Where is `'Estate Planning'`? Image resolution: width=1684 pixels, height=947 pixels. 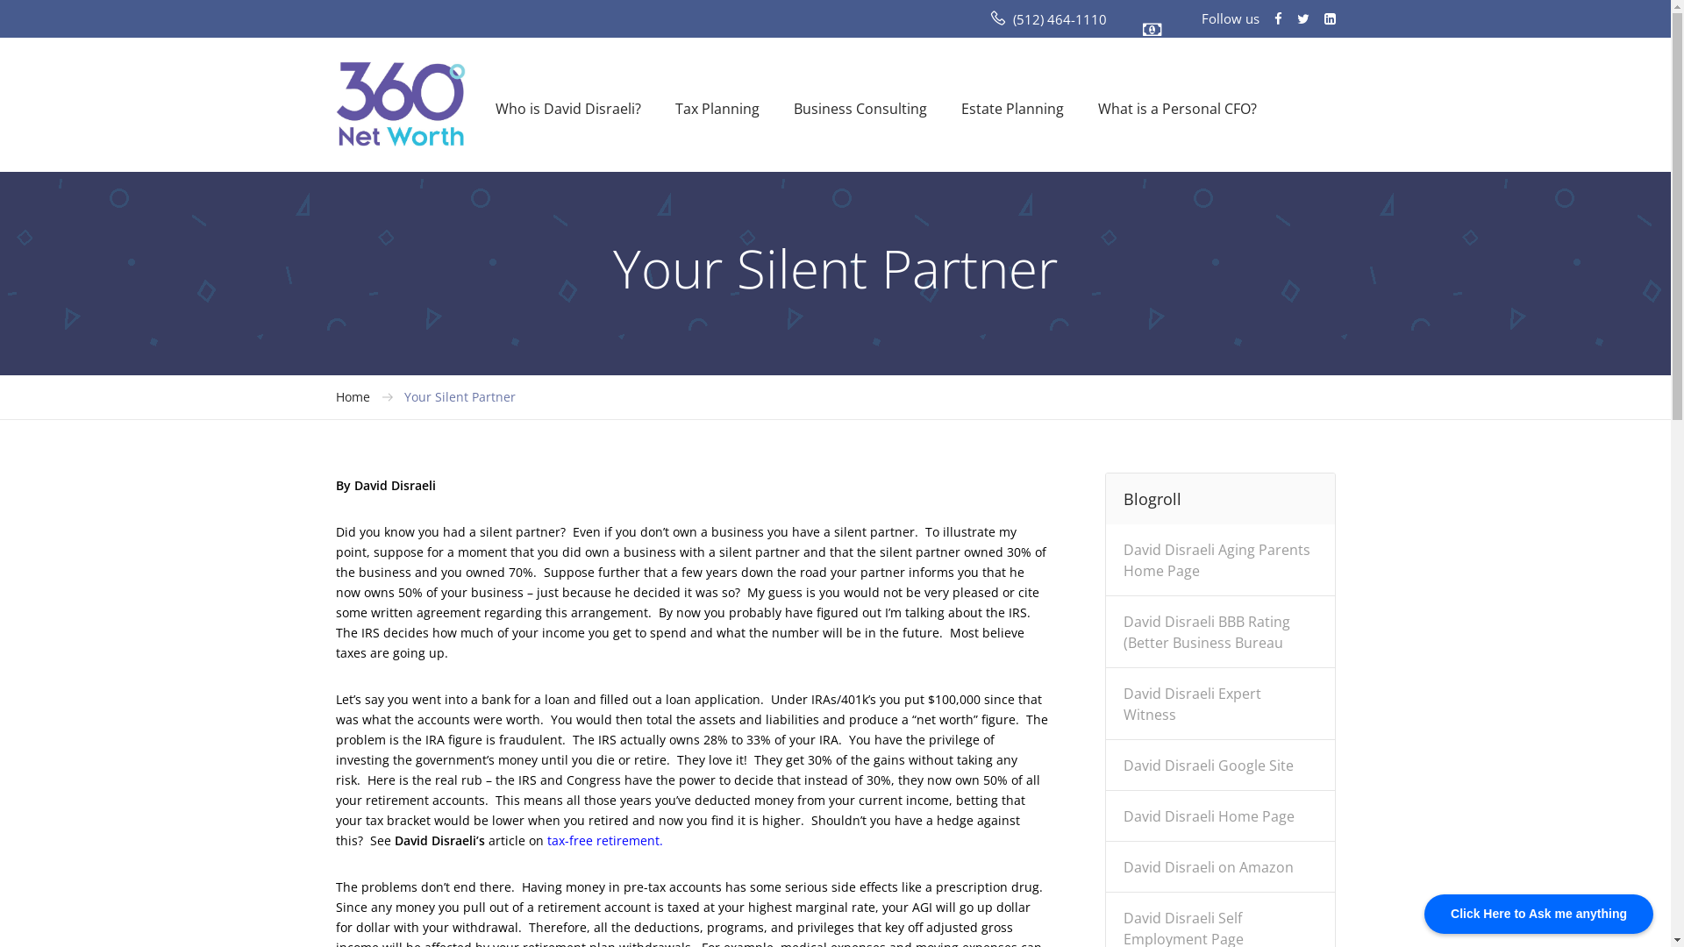
'Estate Planning' is located at coordinates (1012, 108).